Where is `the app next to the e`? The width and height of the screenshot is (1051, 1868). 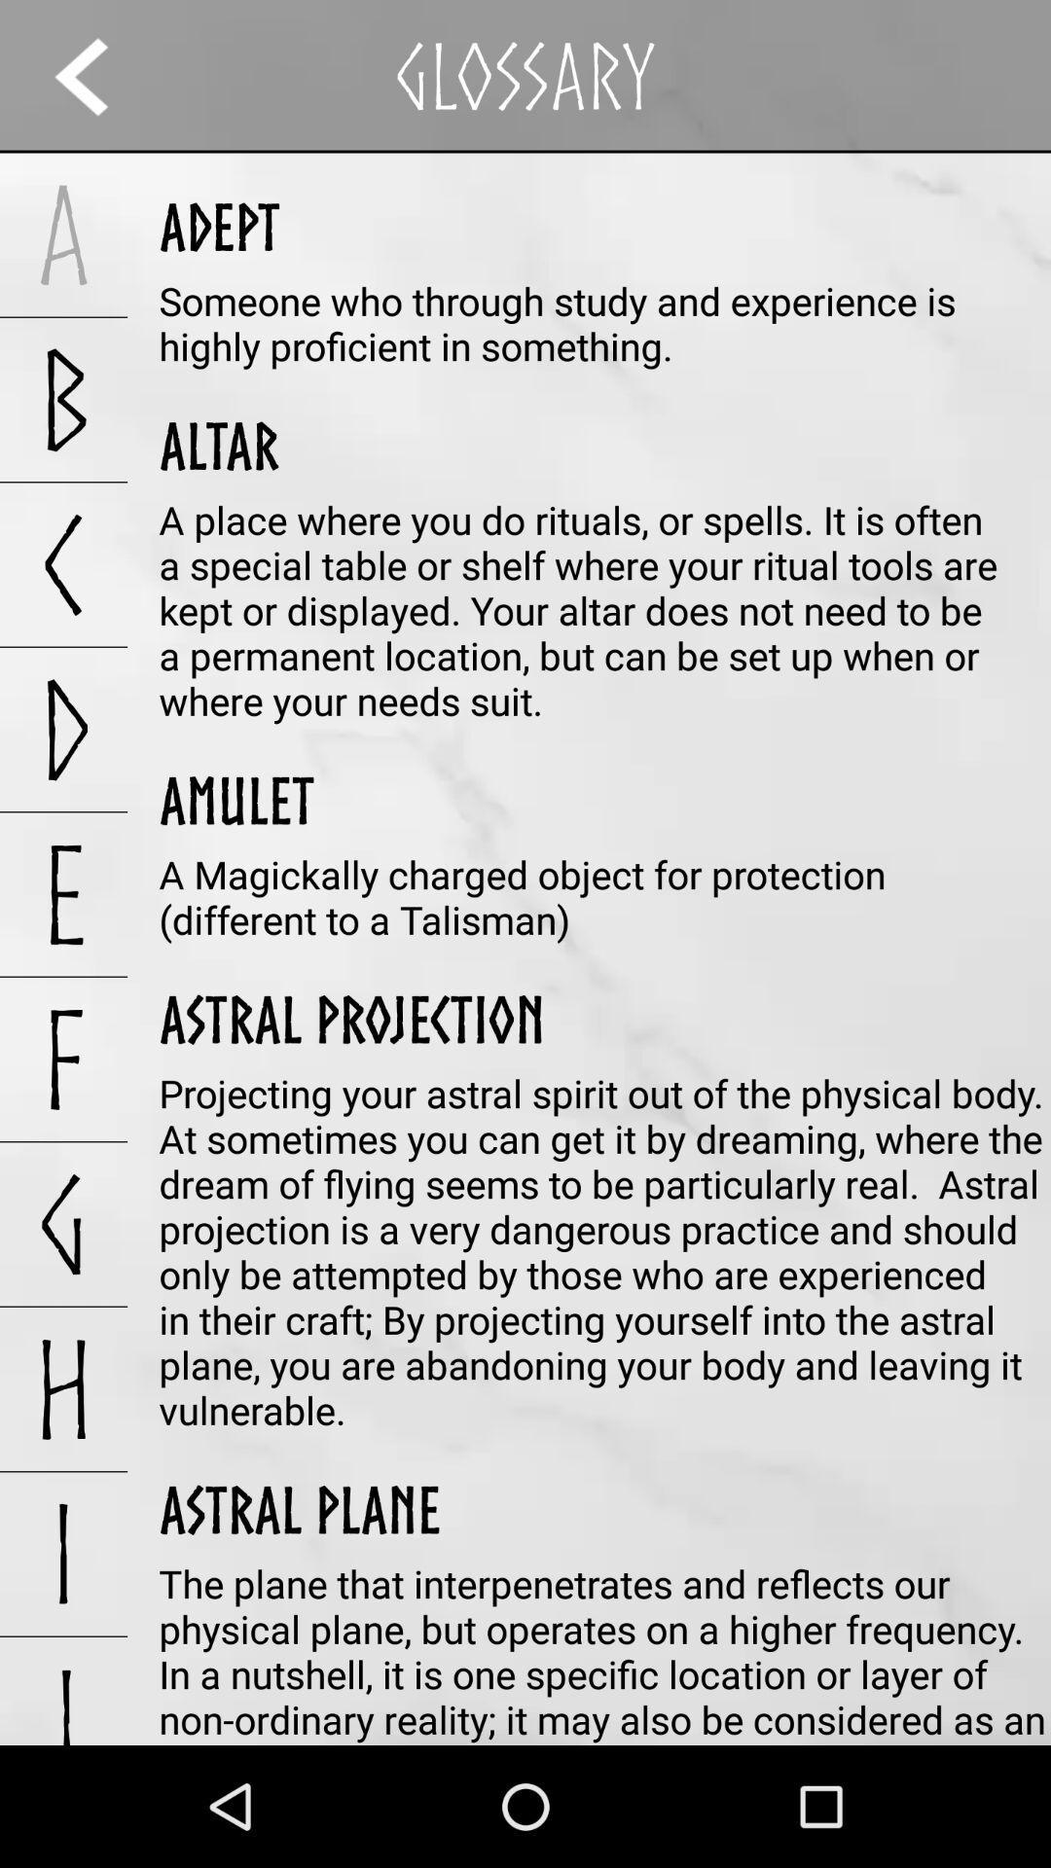
the app next to the e is located at coordinates (351, 1018).